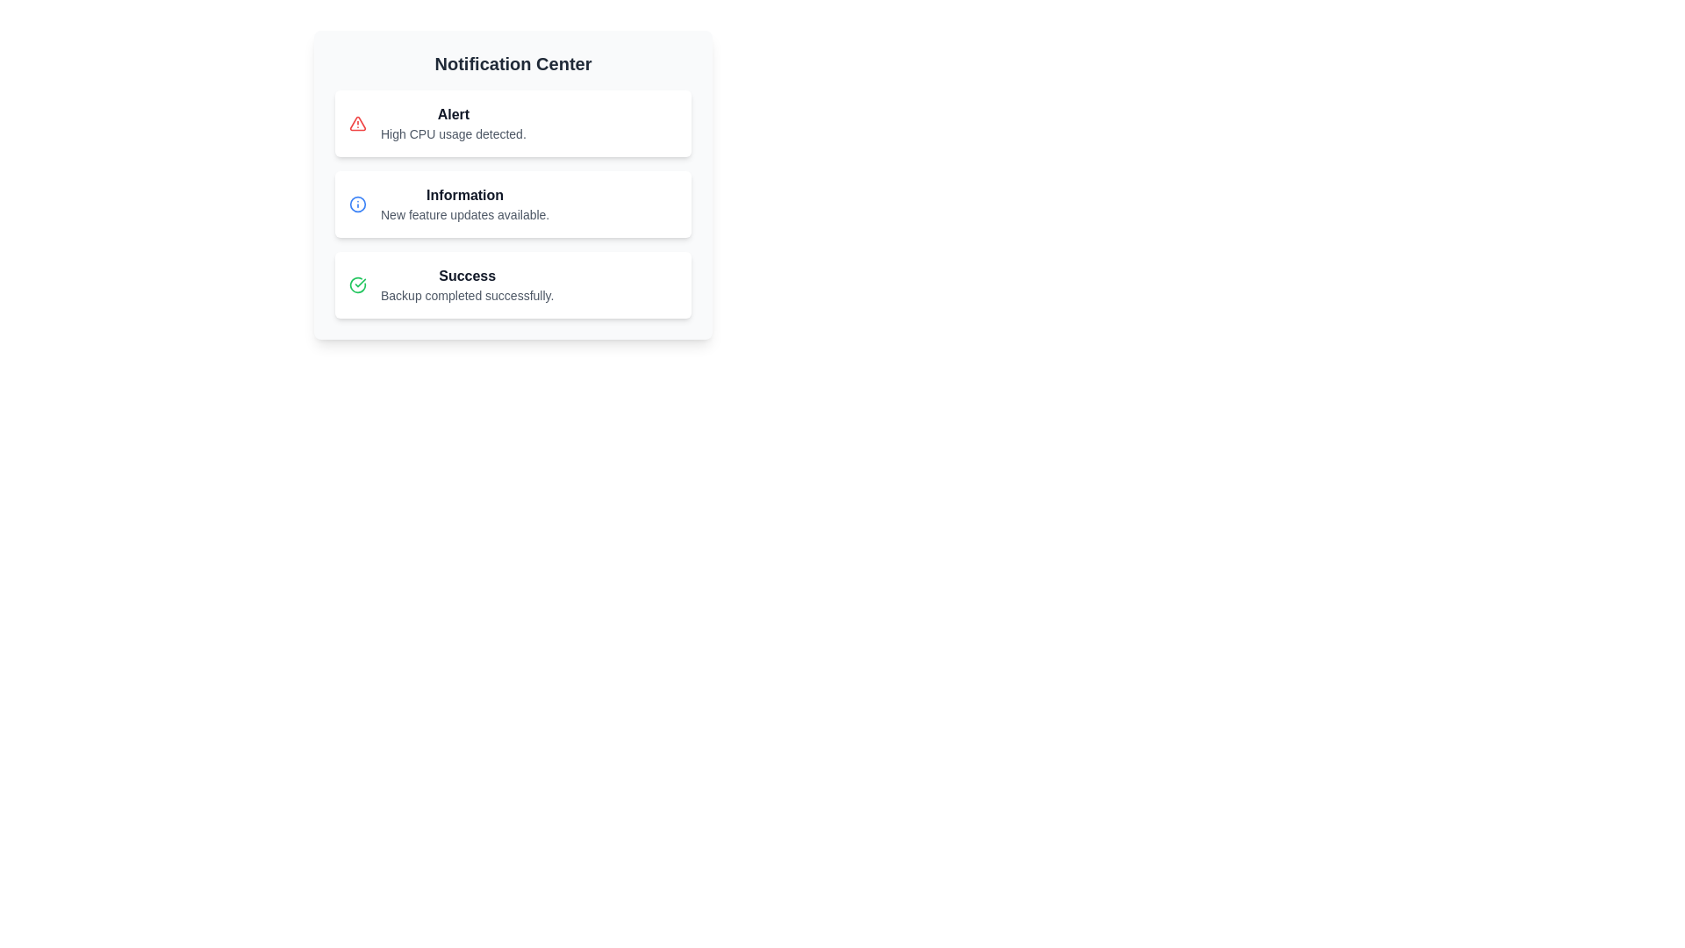 This screenshot has width=1685, height=948. What do you see at coordinates (465, 196) in the screenshot?
I see `the header text label of the second notification block, which summarizes the type or category of the notification, located at the top center above the text 'New feature updates available.'` at bounding box center [465, 196].